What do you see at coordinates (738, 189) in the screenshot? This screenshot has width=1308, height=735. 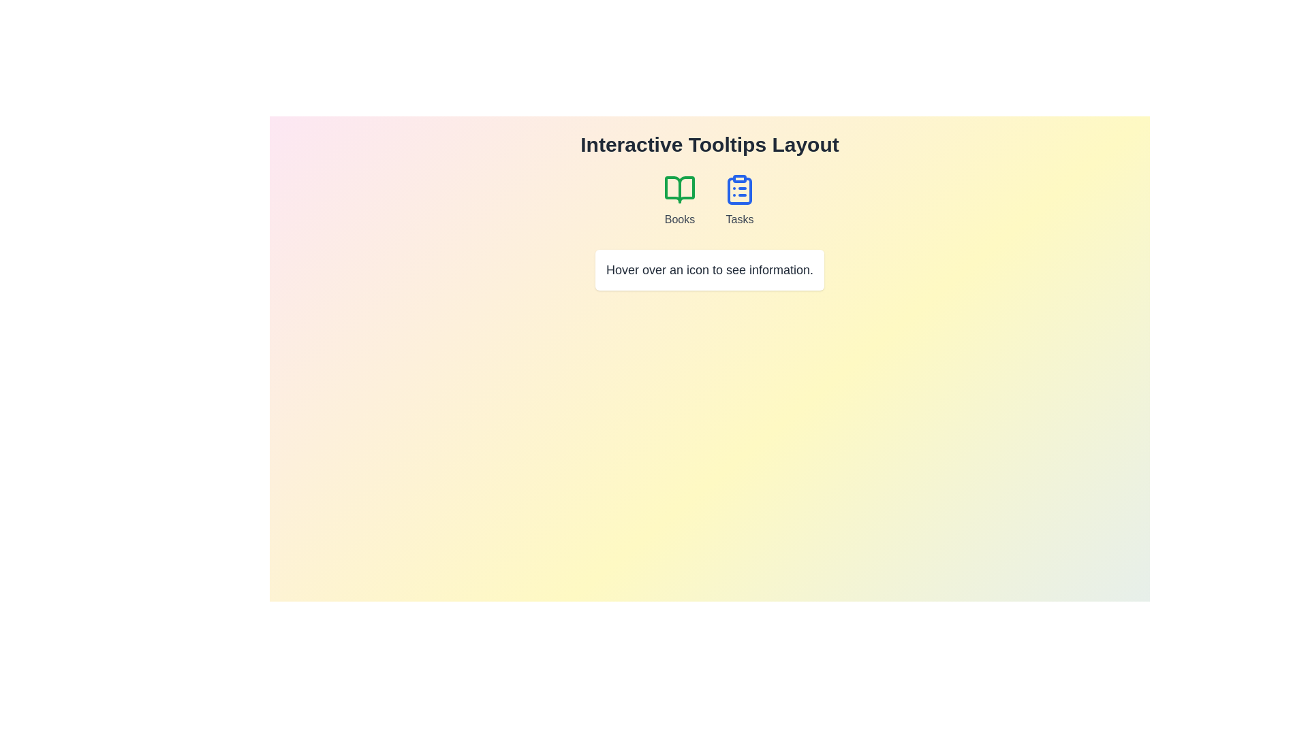 I see `the blue clipboard icon located in the upper center of the interface` at bounding box center [738, 189].